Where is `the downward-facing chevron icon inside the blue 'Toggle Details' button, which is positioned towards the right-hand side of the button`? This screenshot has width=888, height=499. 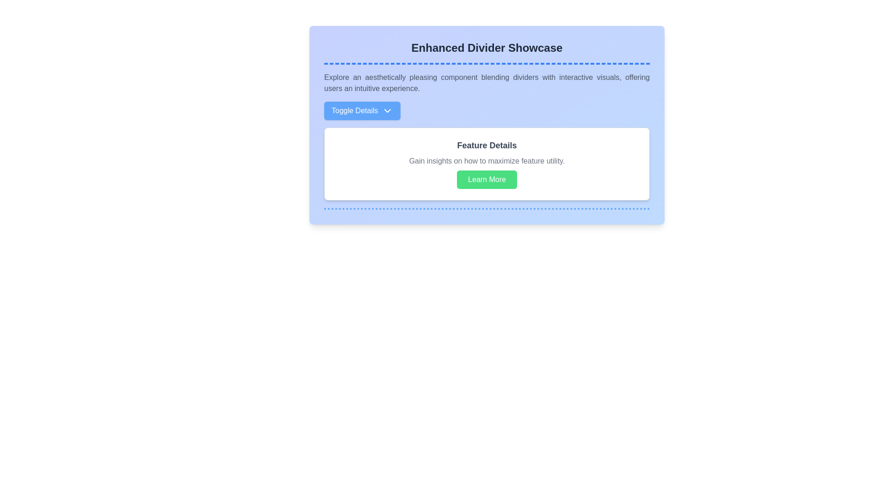
the downward-facing chevron icon inside the blue 'Toggle Details' button, which is positioned towards the right-hand side of the button is located at coordinates (387, 110).